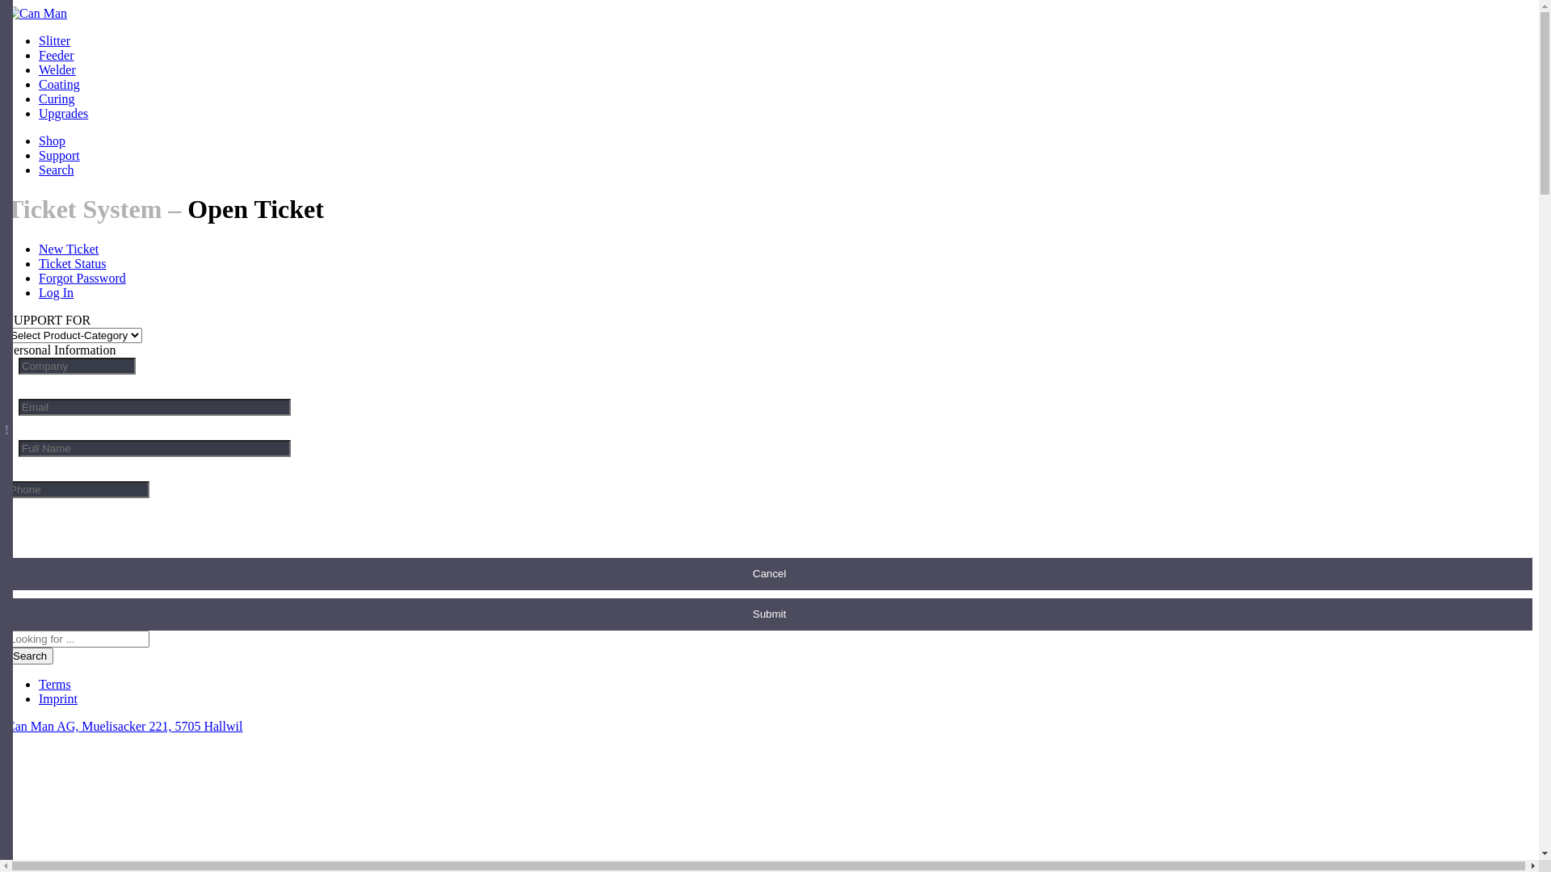 The width and height of the screenshot is (1551, 872). Describe the element at coordinates (71, 262) in the screenshot. I see `'Ticket Status'` at that location.